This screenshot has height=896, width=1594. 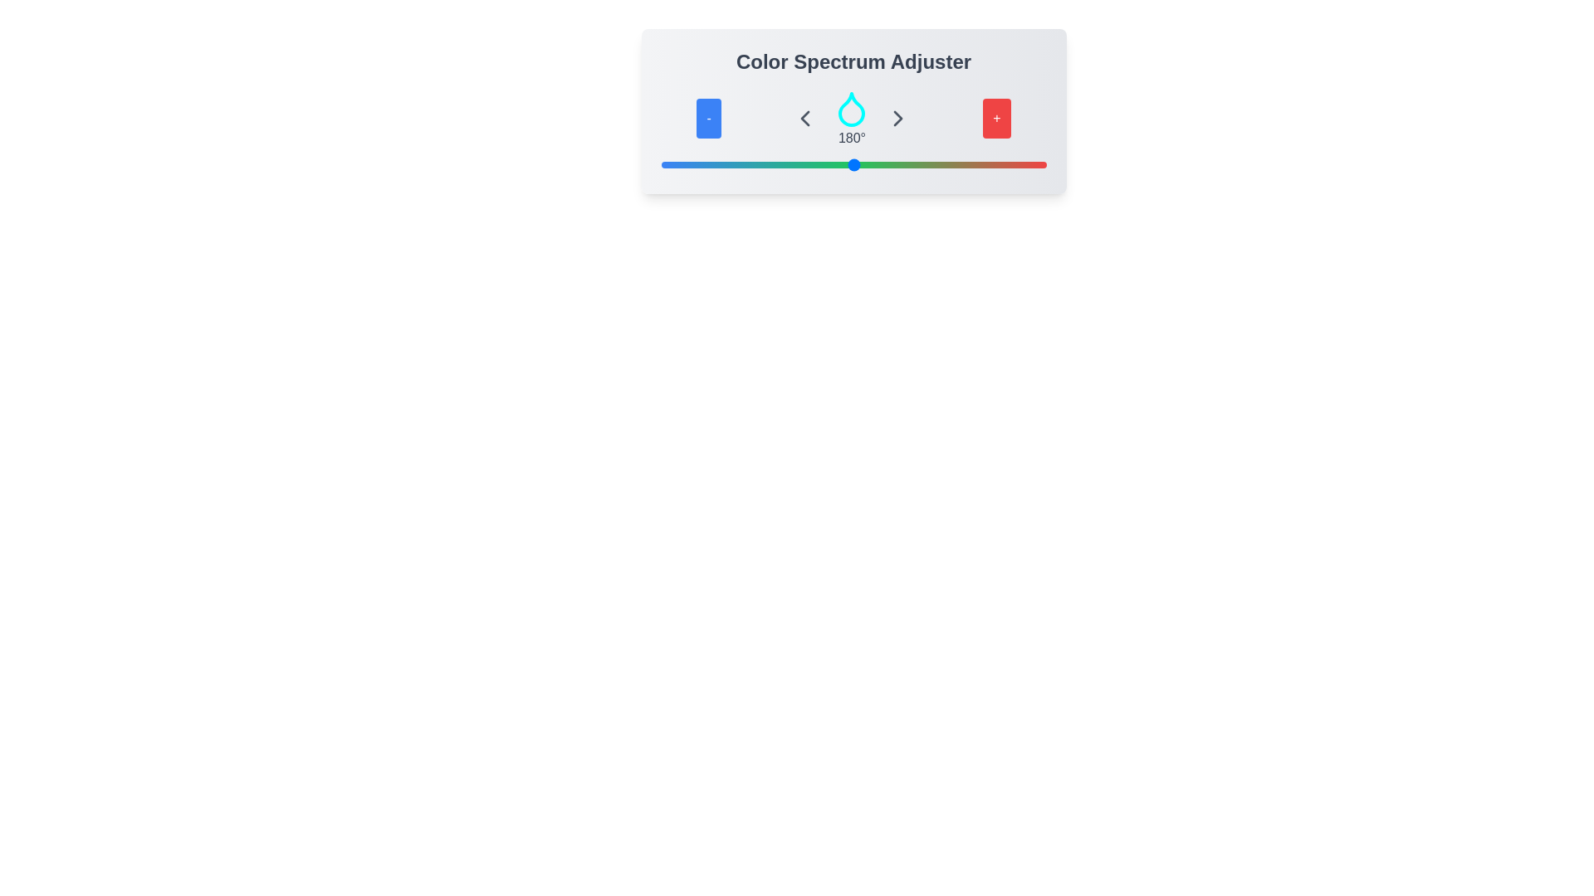 What do you see at coordinates (897, 117) in the screenshot?
I see `the ChevronRight icon to increase the color value` at bounding box center [897, 117].